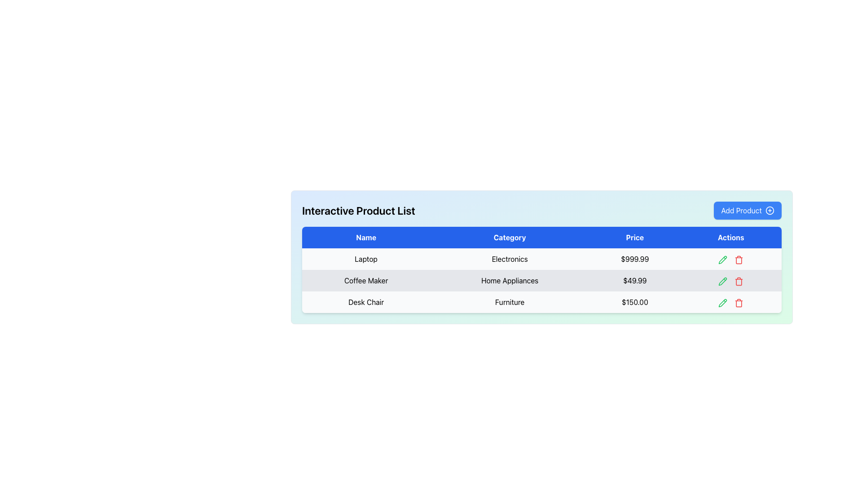 The height and width of the screenshot is (485, 862). Describe the element at coordinates (510, 237) in the screenshot. I see `the text of the 'Category' header cell in the table, which is the second item in the header row` at that location.